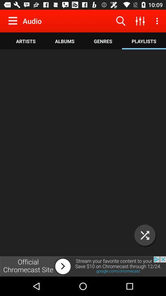 The width and height of the screenshot is (166, 296). Describe the element at coordinates (83, 153) in the screenshot. I see `music player option` at that location.